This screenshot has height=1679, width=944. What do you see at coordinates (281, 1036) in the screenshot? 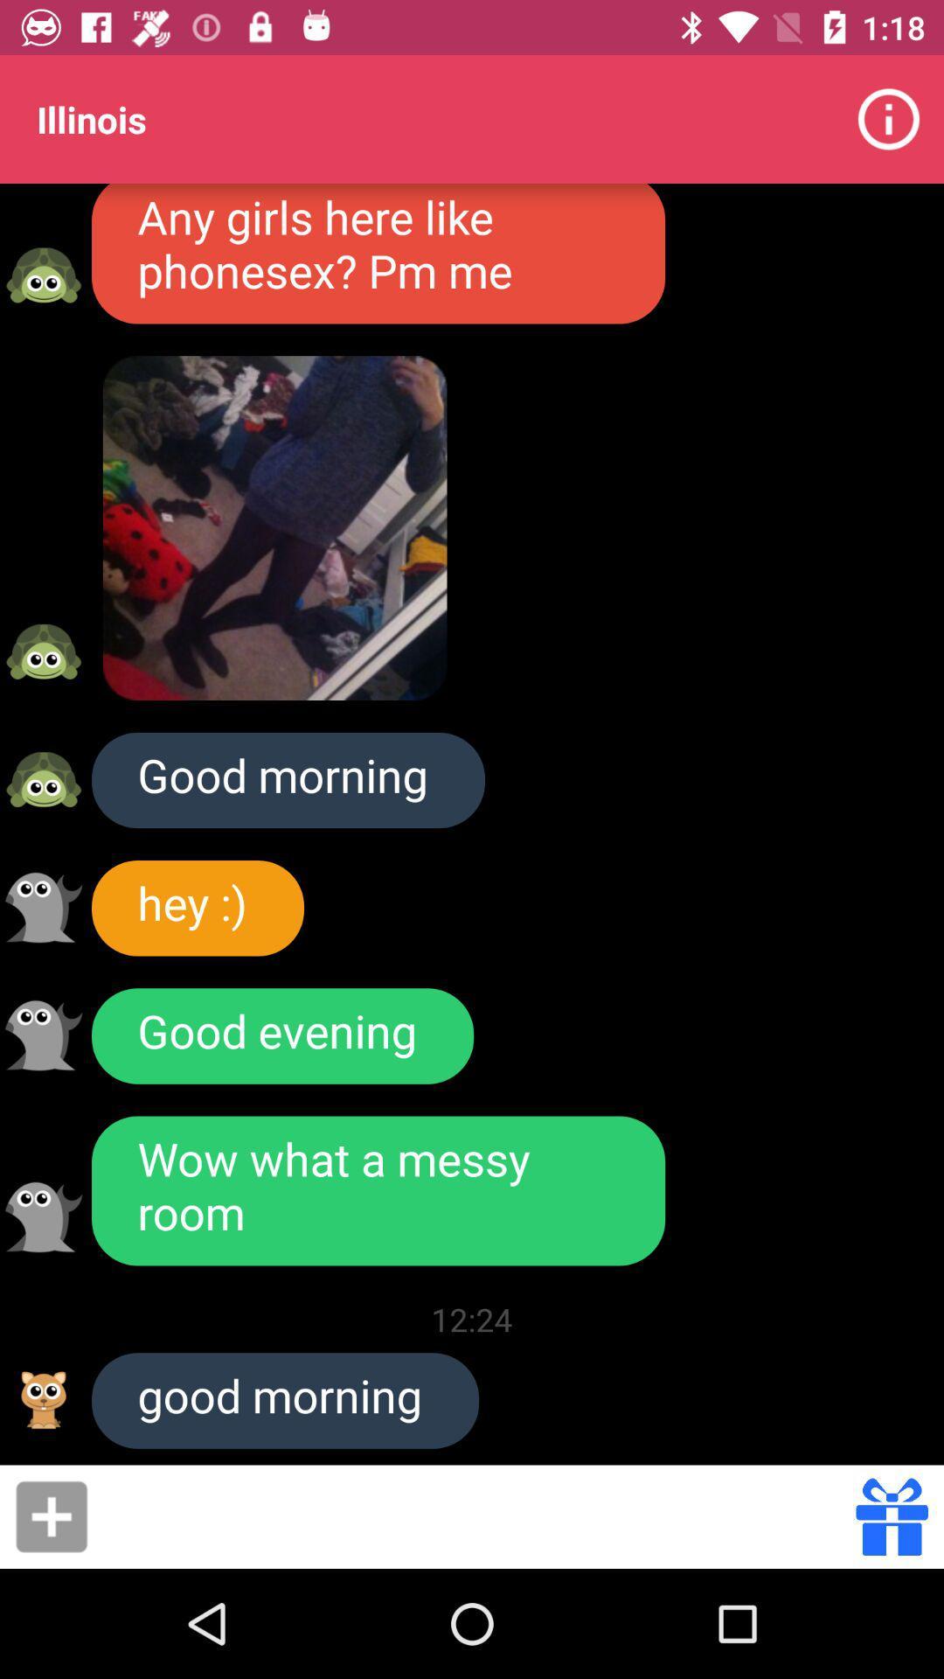
I see `the good evening  item` at bounding box center [281, 1036].